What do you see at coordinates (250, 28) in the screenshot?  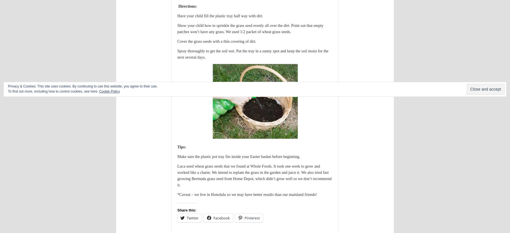 I see `'Show your child how to sprinkle the grass seed evenly all over the dirt. Point out that empty patches won’t have any grass. We used 1/2 packet of wheat grass seeds.'` at bounding box center [250, 28].